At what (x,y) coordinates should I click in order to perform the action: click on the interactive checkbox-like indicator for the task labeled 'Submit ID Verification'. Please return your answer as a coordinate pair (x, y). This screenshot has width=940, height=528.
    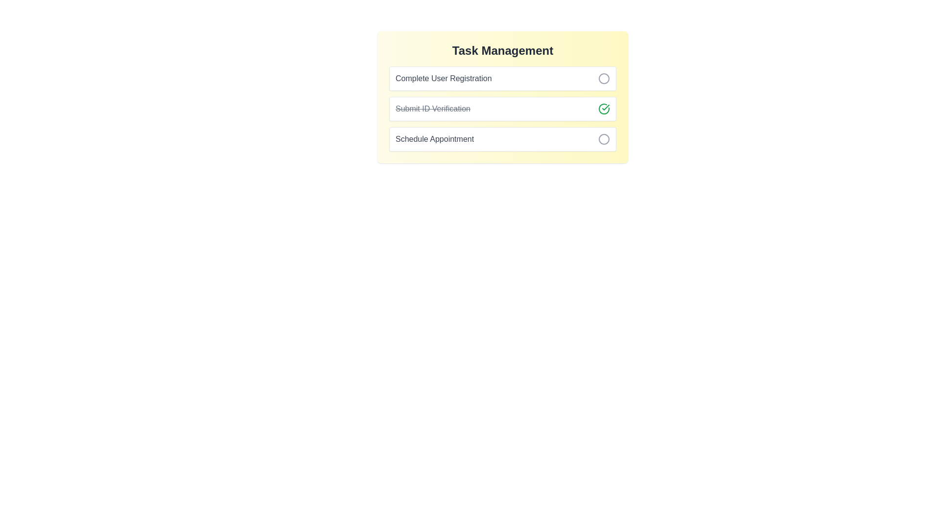
    Looking at the image, I should click on (603, 109).